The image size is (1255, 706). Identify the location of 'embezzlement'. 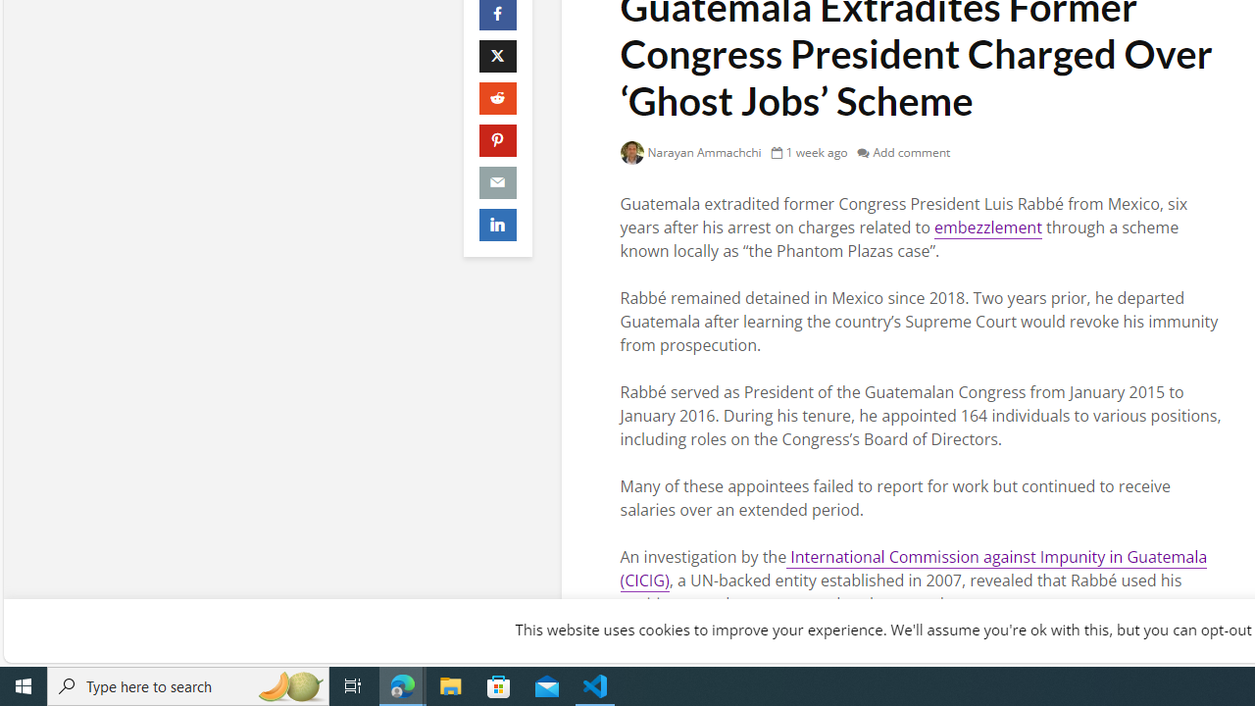
(987, 227).